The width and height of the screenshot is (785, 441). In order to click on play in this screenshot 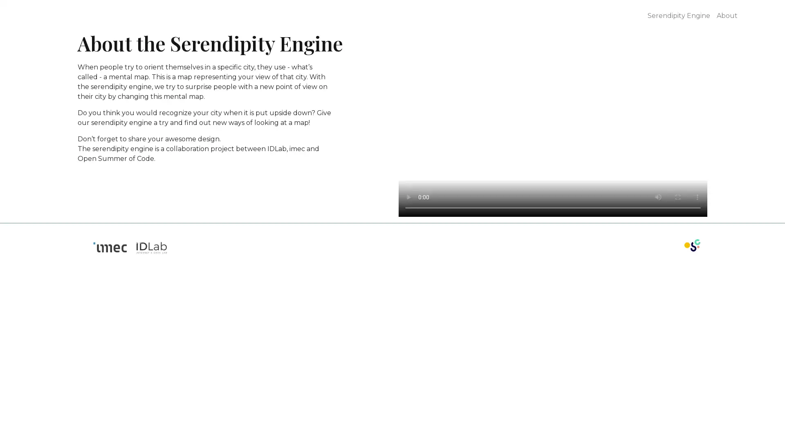, I will do `click(408, 197)`.